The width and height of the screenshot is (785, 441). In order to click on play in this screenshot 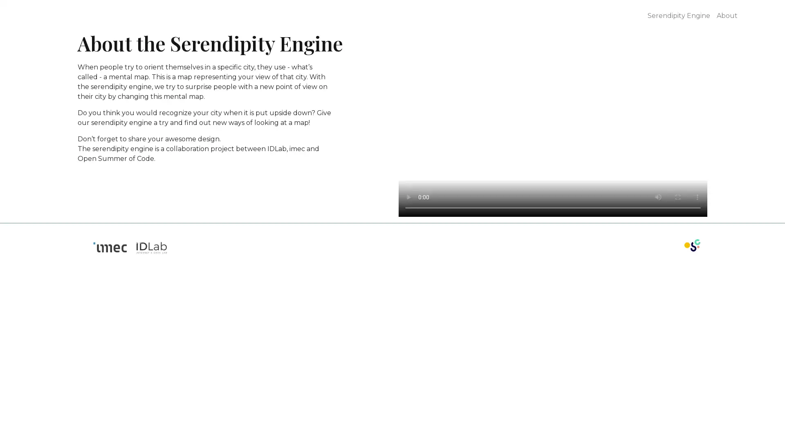, I will do `click(408, 197)`.